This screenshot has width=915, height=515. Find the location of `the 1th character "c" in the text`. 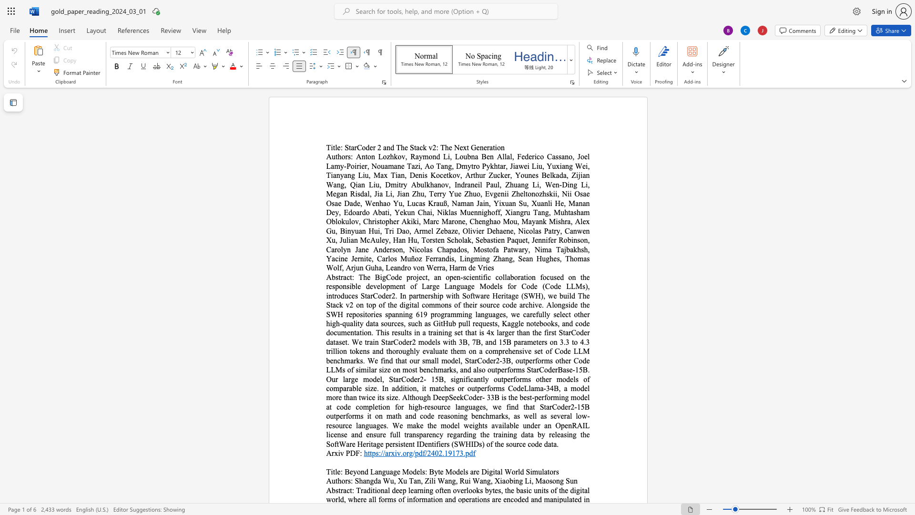

the 1th character "c" in the text is located at coordinates (538, 156).